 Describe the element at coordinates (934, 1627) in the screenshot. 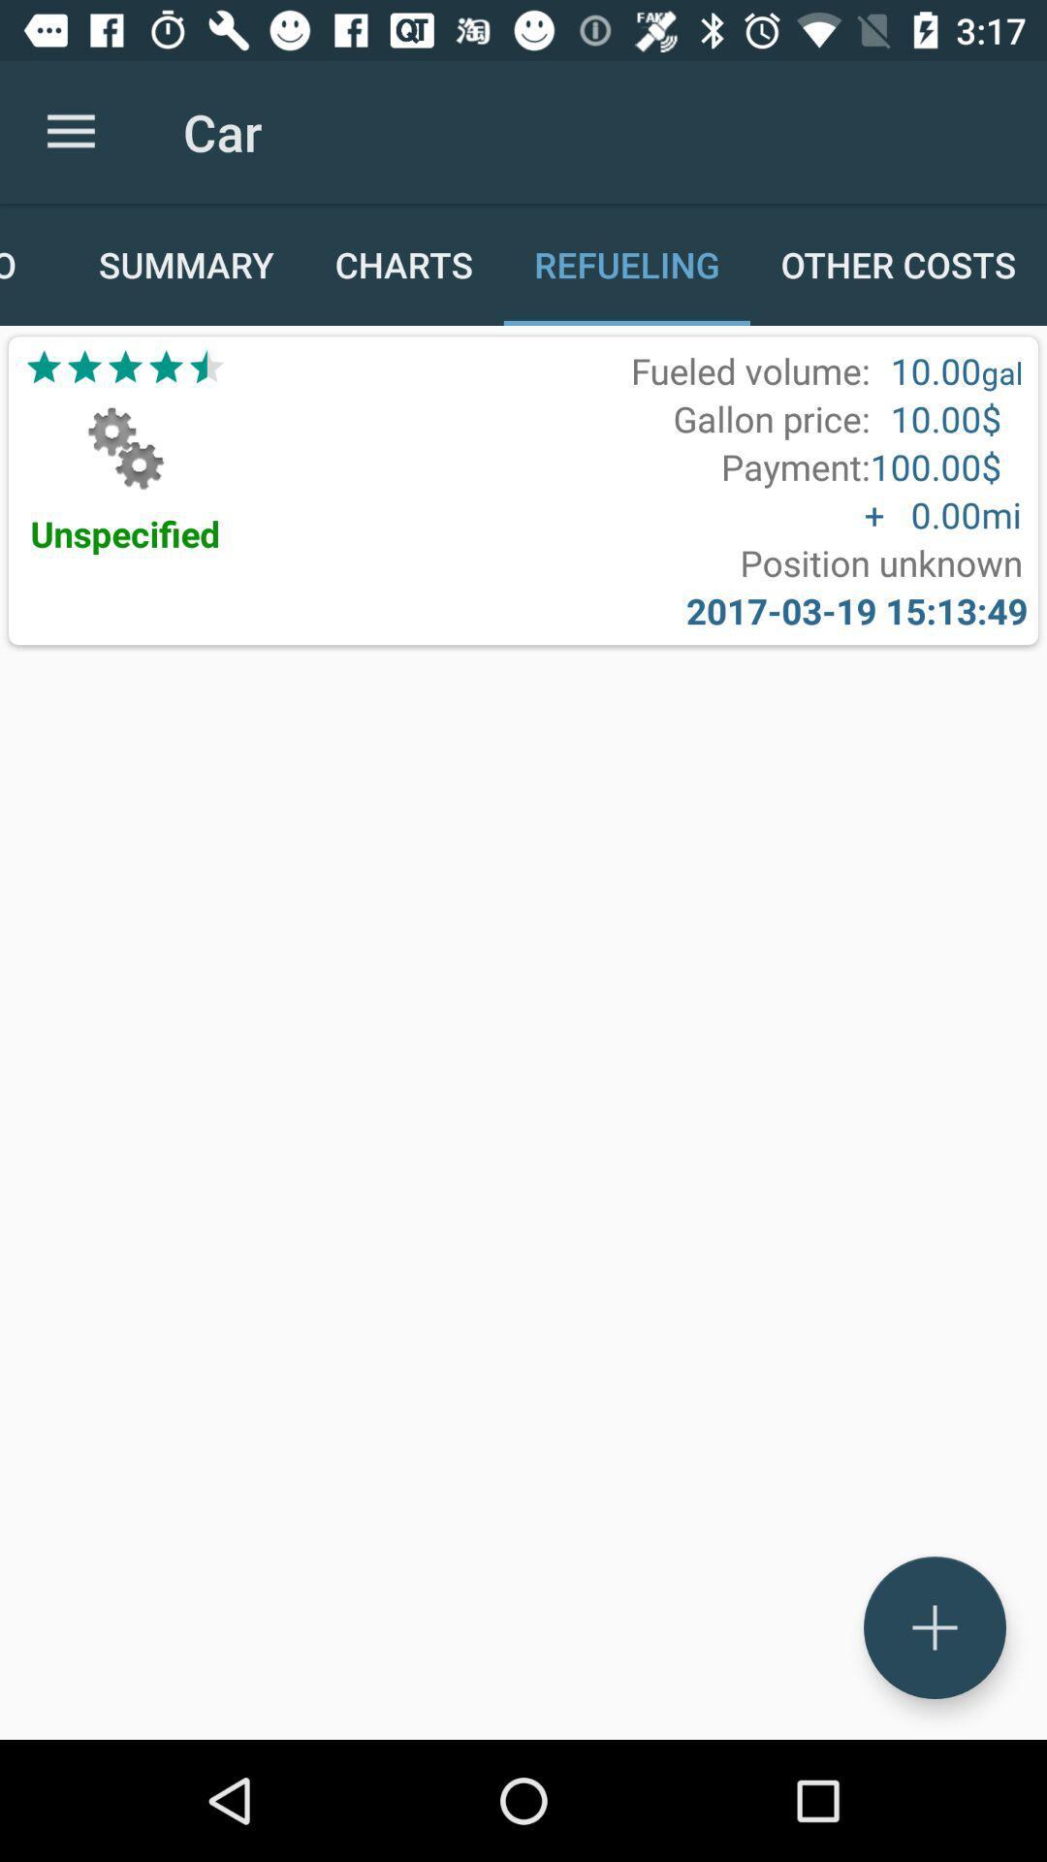

I see `the option will point add something` at that location.